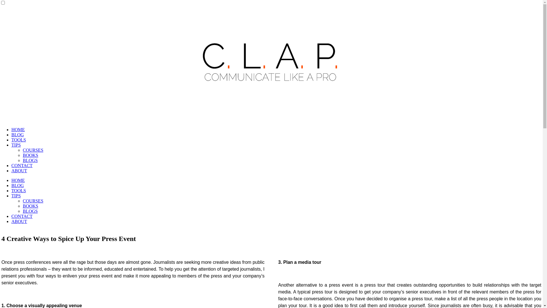  I want to click on 'BLOG', so click(18, 185).